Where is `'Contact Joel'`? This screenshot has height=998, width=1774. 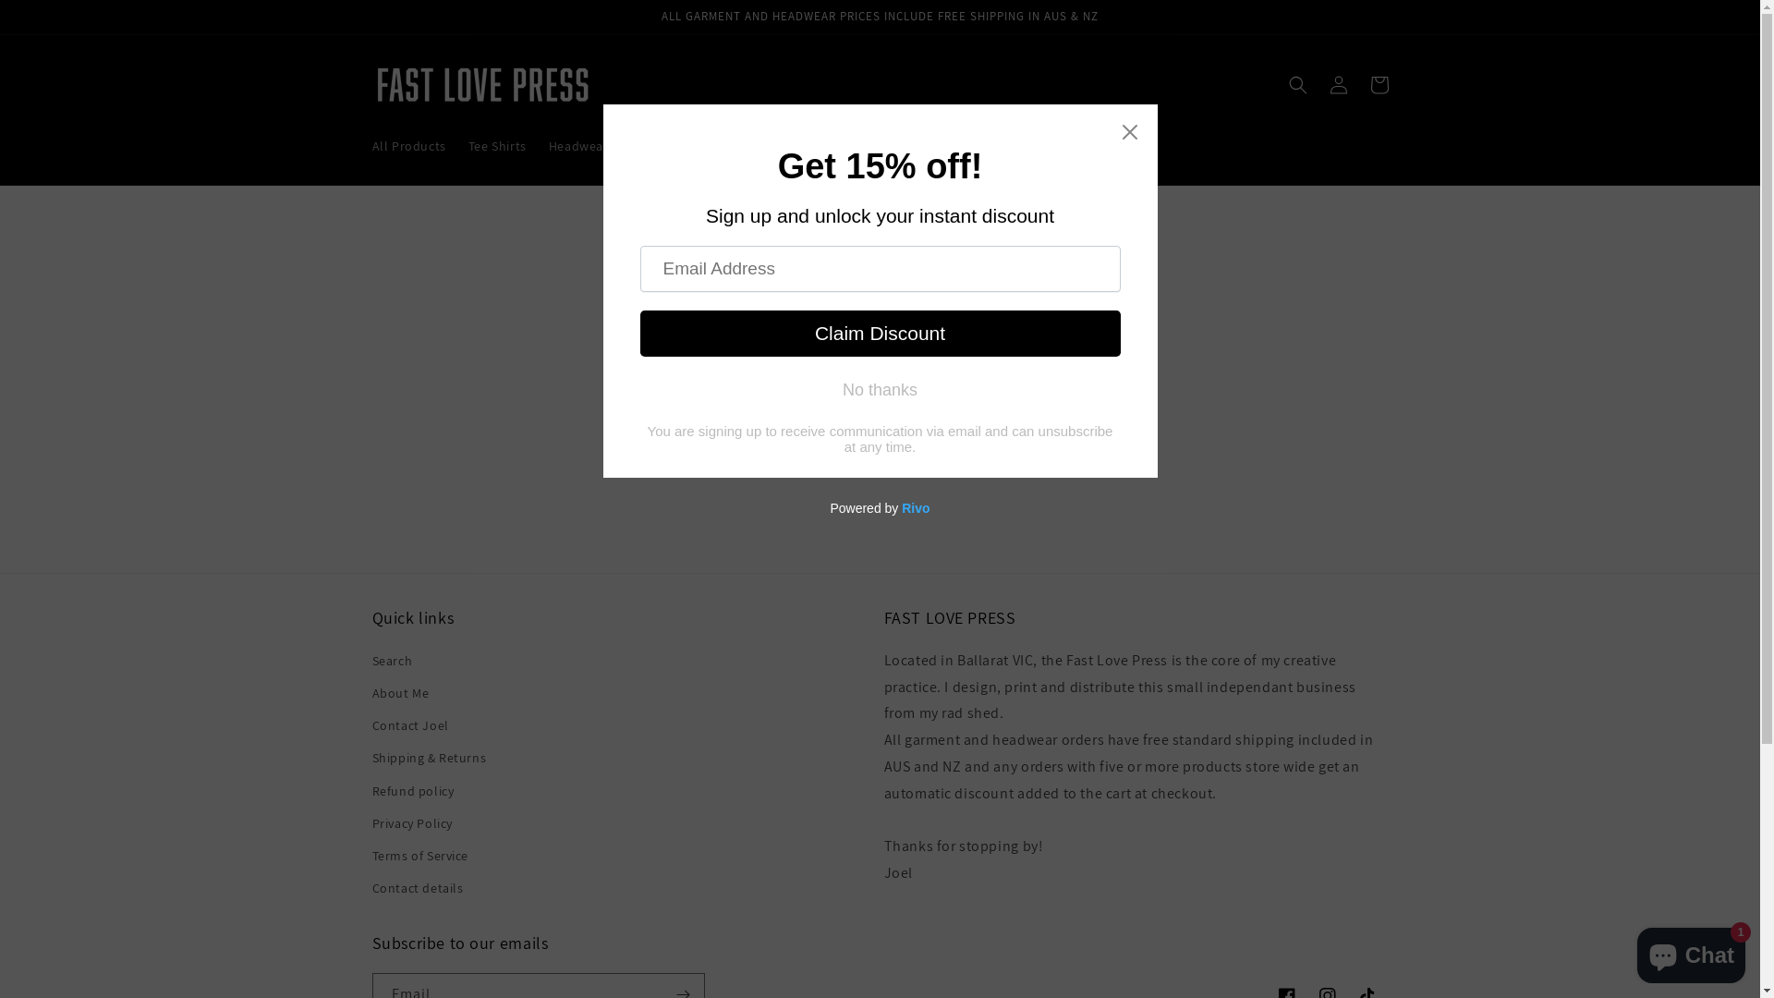
'Contact Joel' is located at coordinates (371, 724).